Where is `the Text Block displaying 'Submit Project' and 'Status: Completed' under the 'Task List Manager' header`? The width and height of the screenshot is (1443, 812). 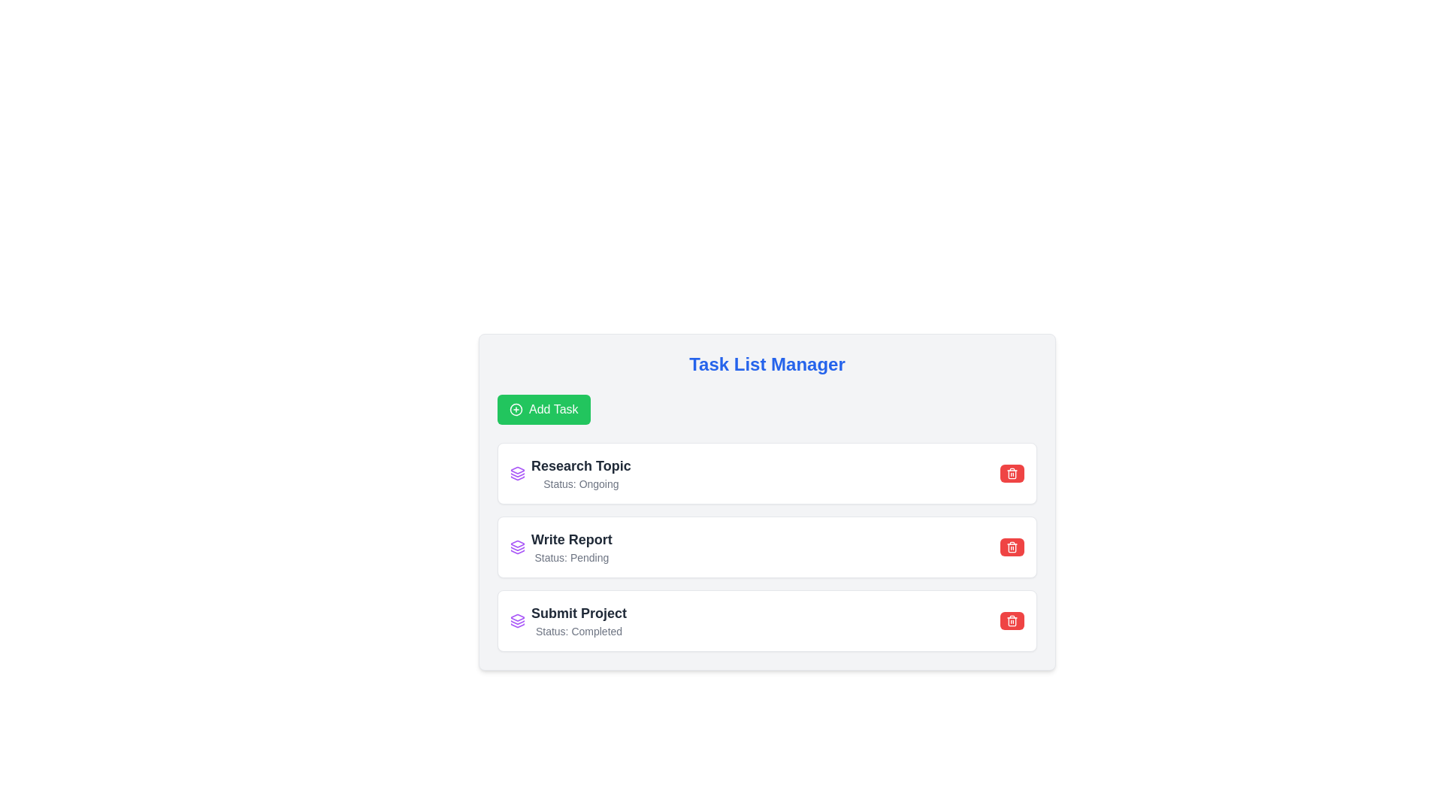
the Text Block displaying 'Submit Project' and 'Status: Completed' under the 'Task List Manager' header is located at coordinates (578, 620).